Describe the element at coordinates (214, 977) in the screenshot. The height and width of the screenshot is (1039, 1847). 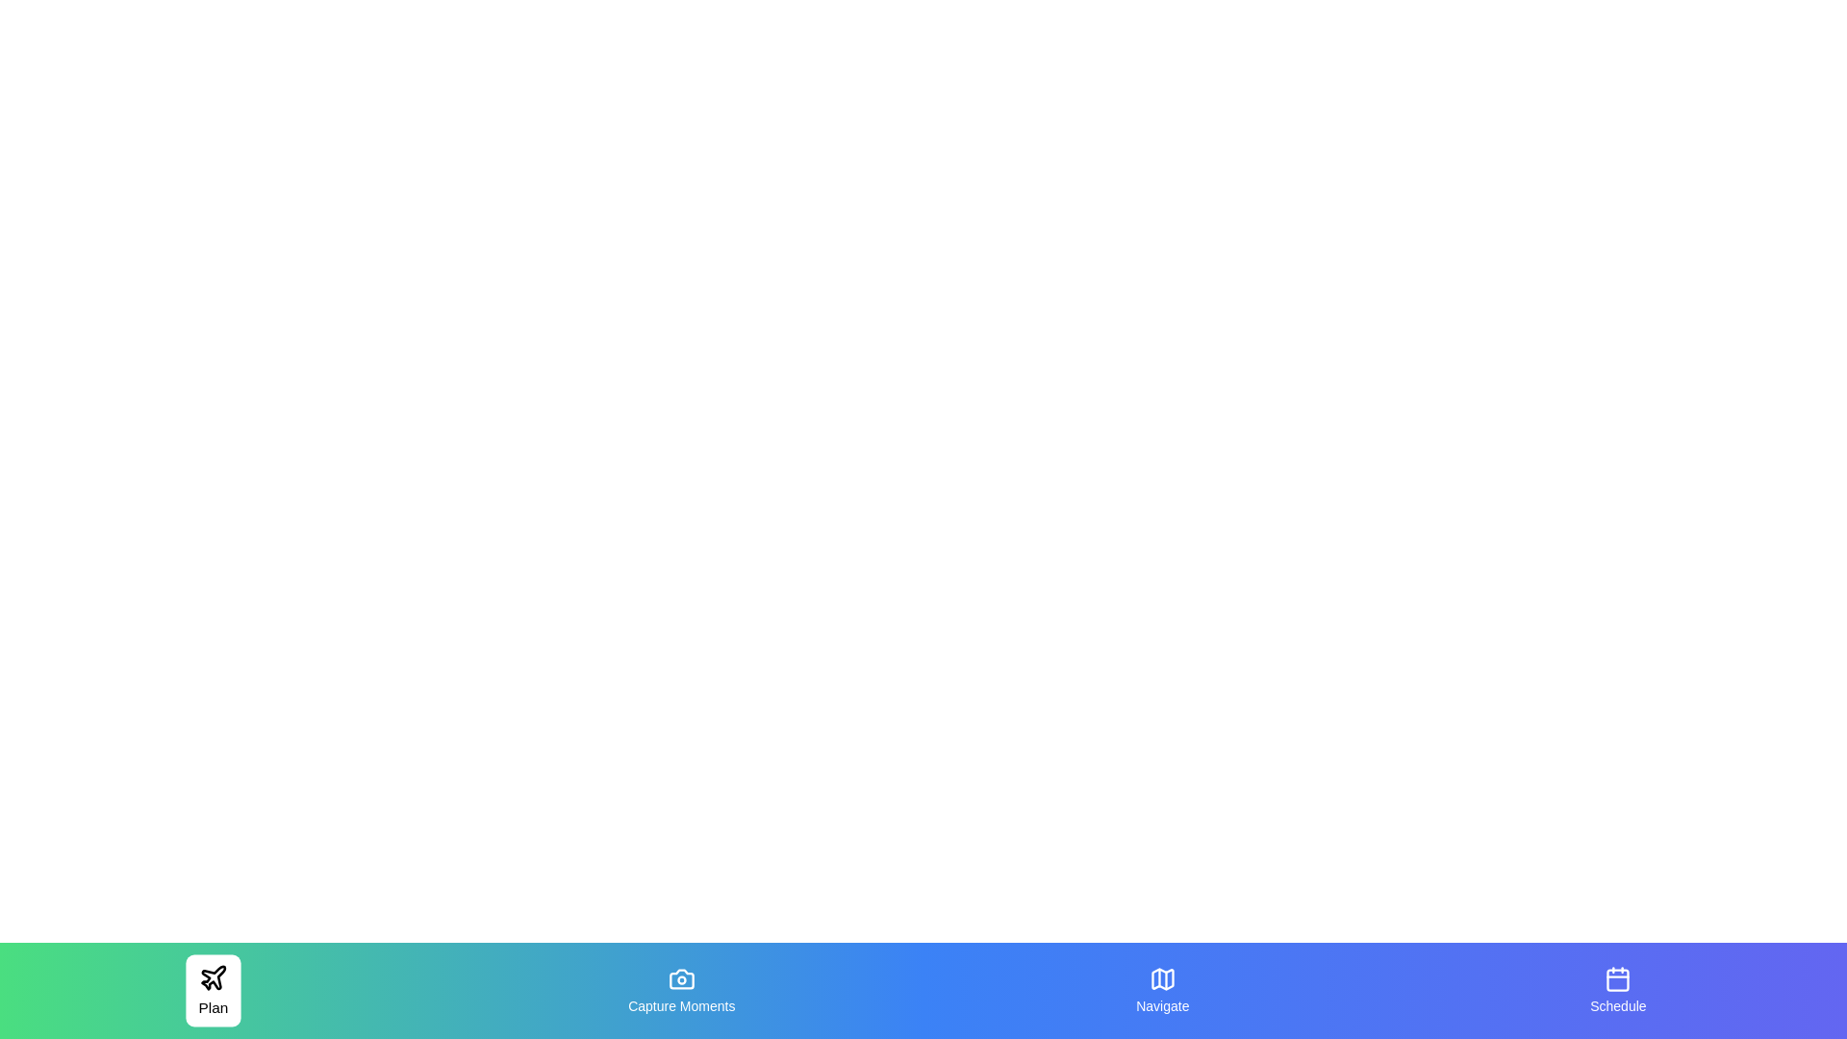
I see `the icon associated with the tab Plan` at that location.